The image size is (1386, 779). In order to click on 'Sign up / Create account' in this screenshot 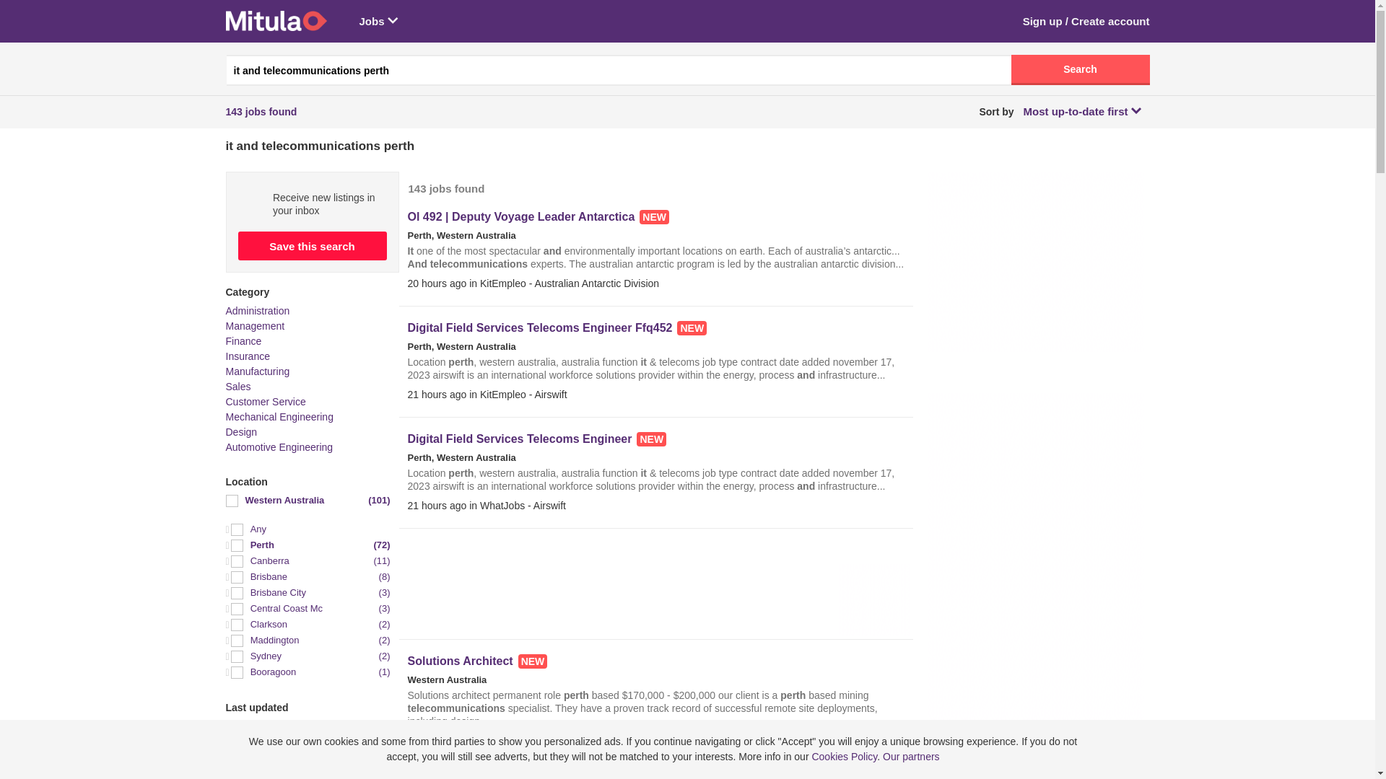, I will do `click(1021, 21)`.